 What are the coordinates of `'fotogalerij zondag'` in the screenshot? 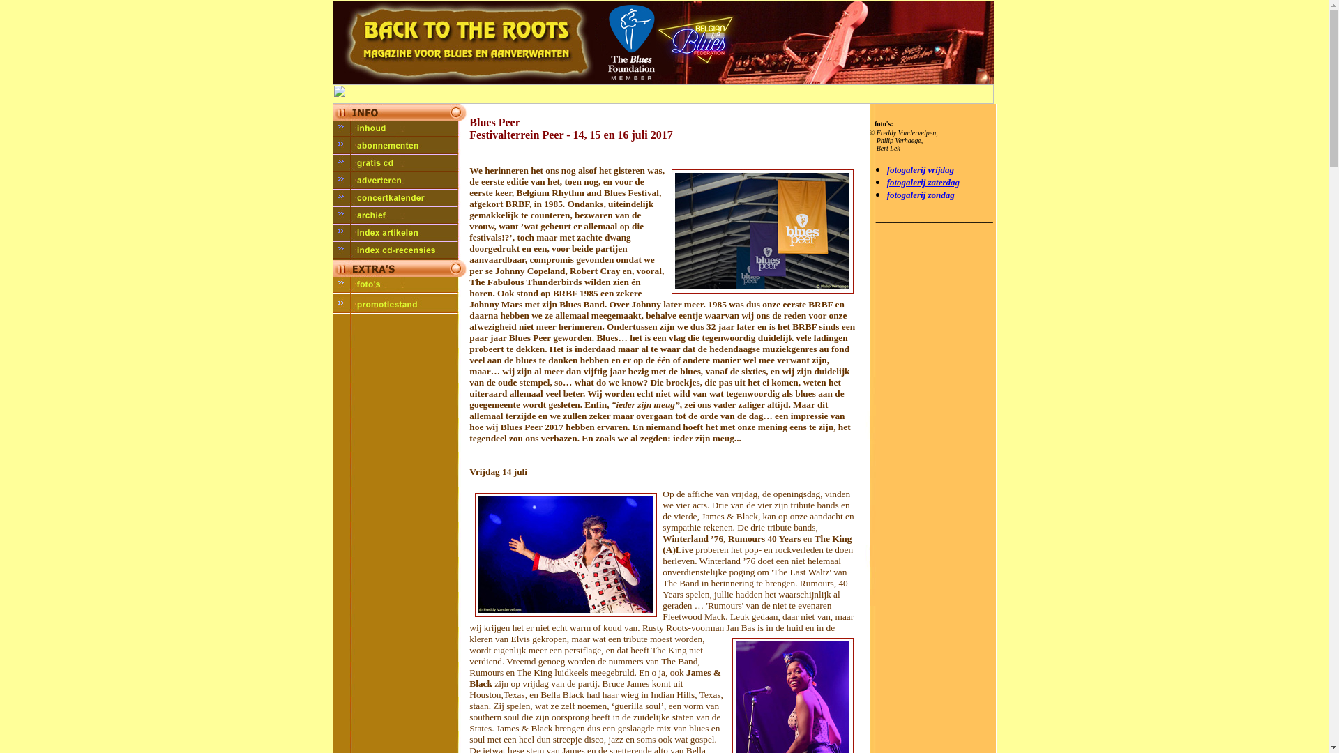 It's located at (886, 195).